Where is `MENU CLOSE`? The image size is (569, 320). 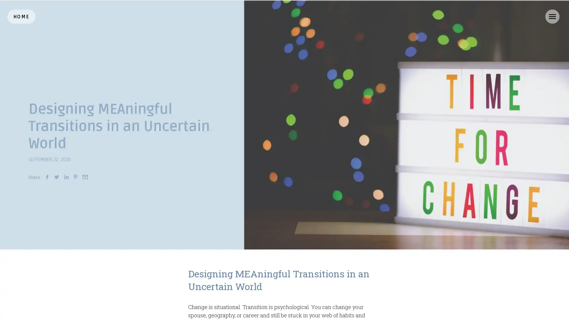 MENU CLOSE is located at coordinates (552, 16).